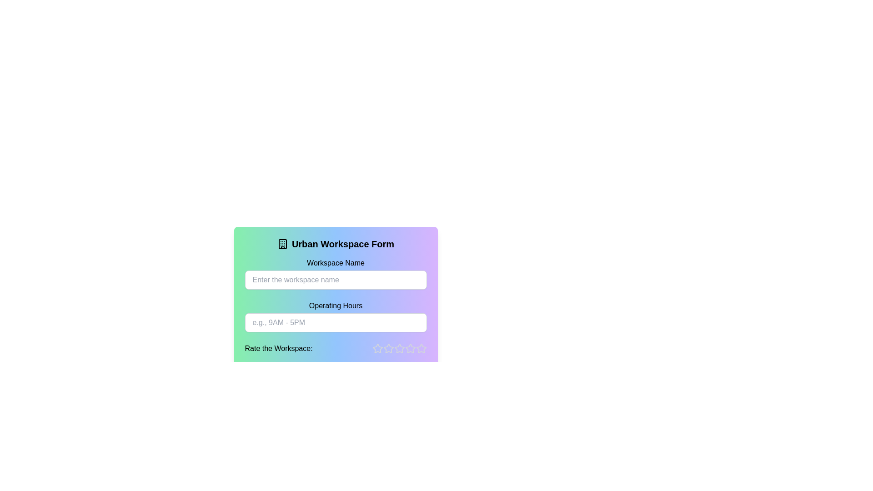 This screenshot has width=873, height=491. What do you see at coordinates (335, 316) in the screenshot?
I see `the text input field for operating hours, which is located below the 'Workspace Name' field and above the 'Rate the Workspace' section, to focus on it` at bounding box center [335, 316].